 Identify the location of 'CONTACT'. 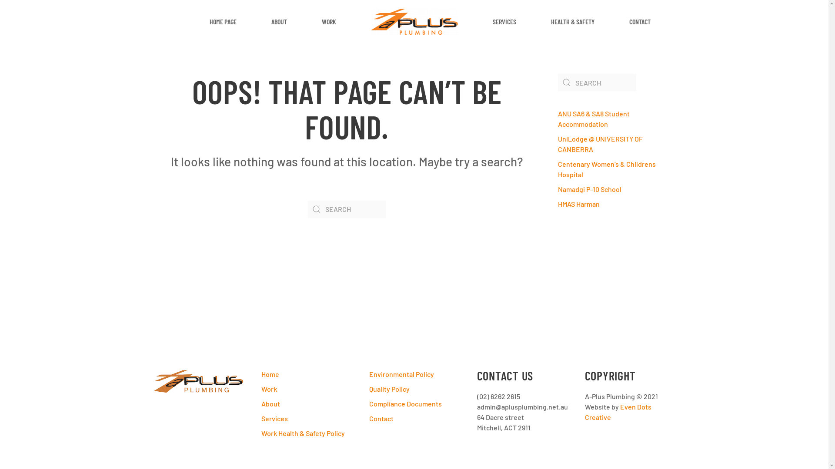
(639, 21).